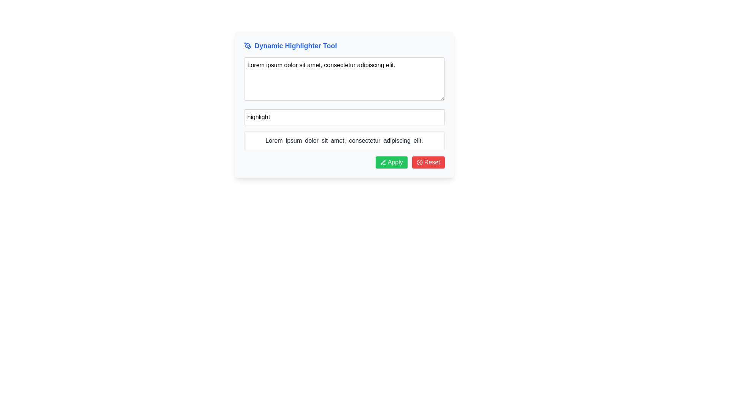  I want to click on the rectangular green 'Apply' button with white text and a pen icon located at the bottom right of the interface, so click(391, 162).